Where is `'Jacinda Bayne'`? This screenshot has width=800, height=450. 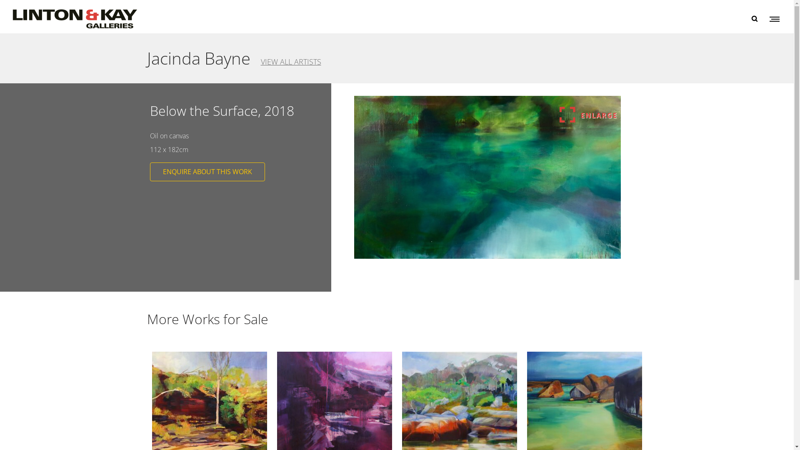 'Jacinda Bayne' is located at coordinates (197, 57).